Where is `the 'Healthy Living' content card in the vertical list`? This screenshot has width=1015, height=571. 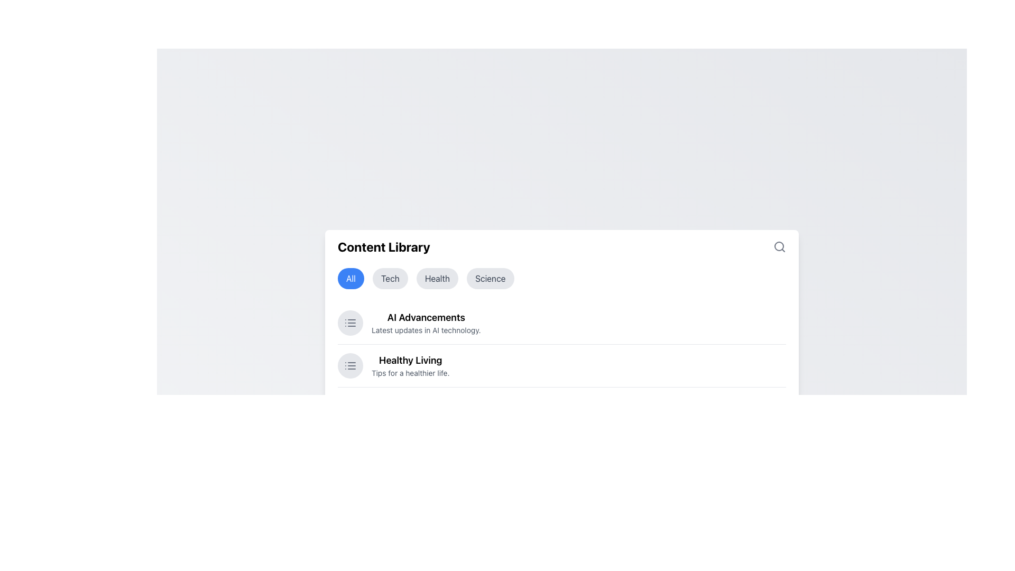 the 'Healthy Living' content card in the vertical list is located at coordinates (561, 365).